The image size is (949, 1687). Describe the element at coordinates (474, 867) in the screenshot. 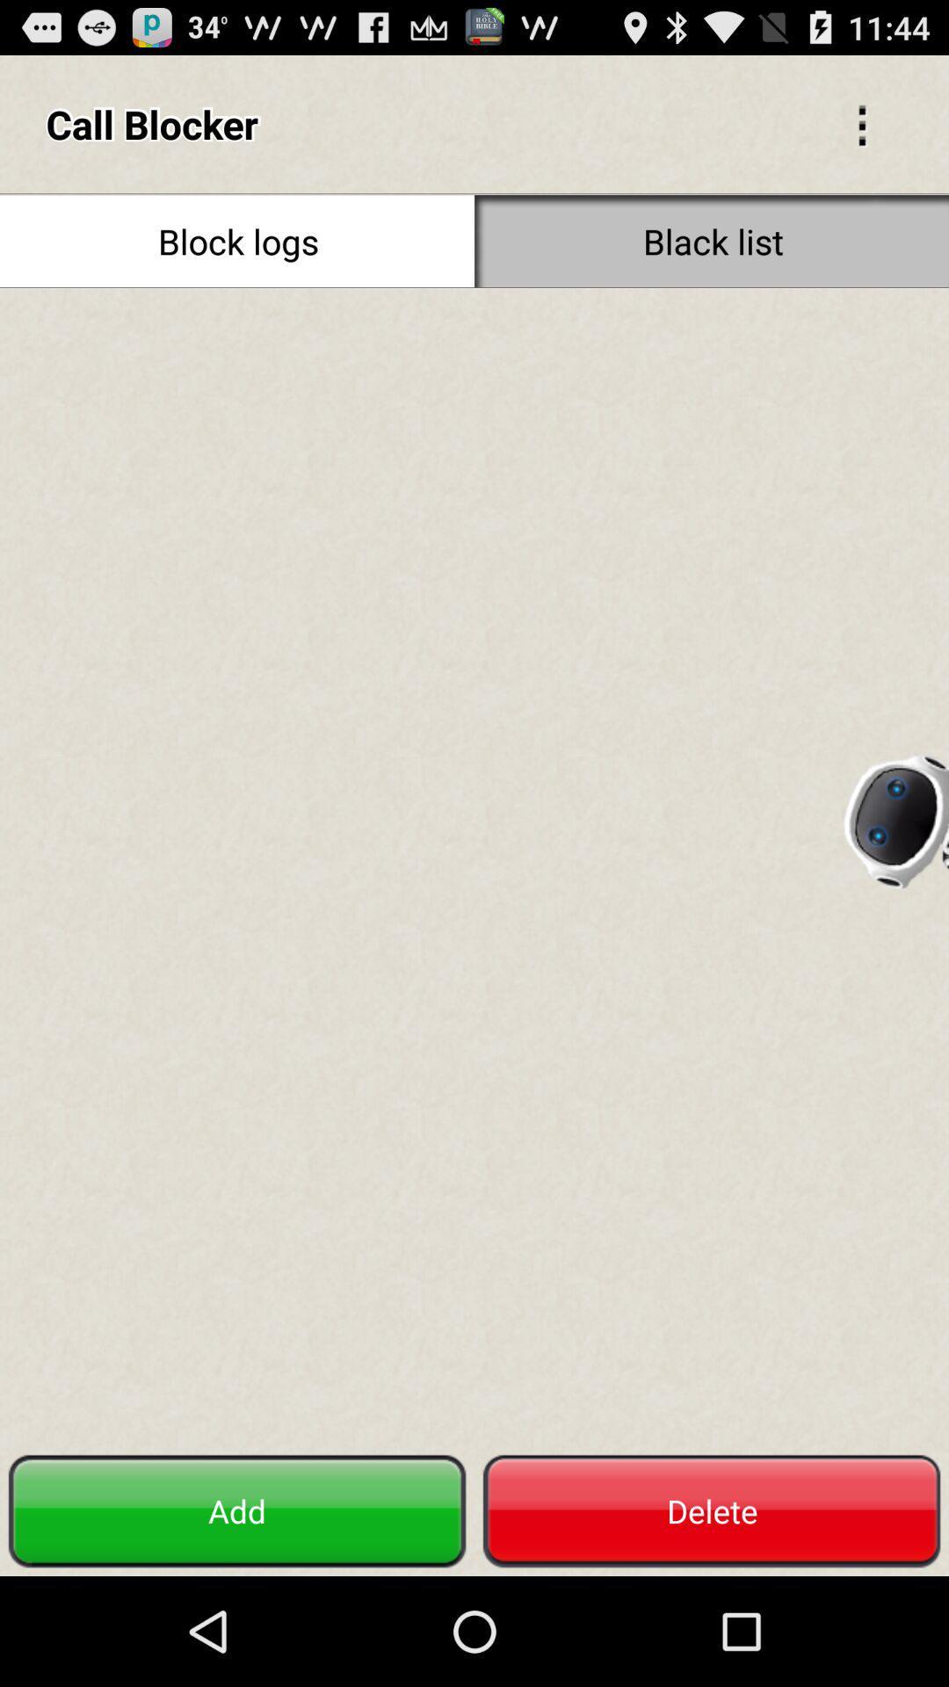

I see `call` at that location.